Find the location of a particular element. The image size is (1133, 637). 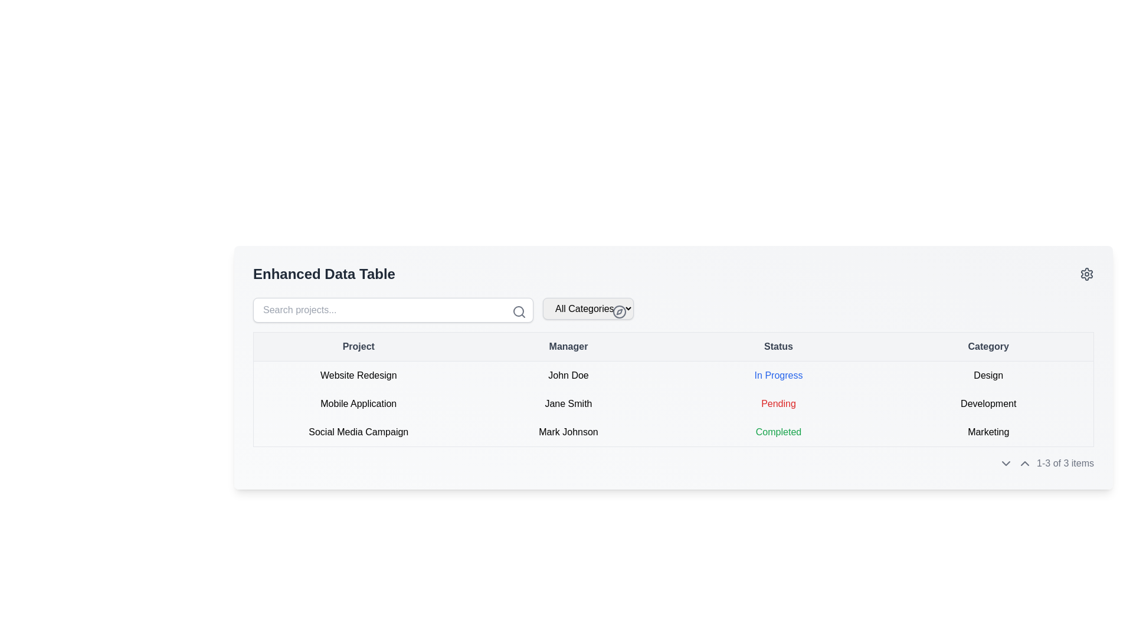

the header label for the first column in a data table, which indicates project-related entries, located at the top-left corner of the layout is located at coordinates (358, 346).